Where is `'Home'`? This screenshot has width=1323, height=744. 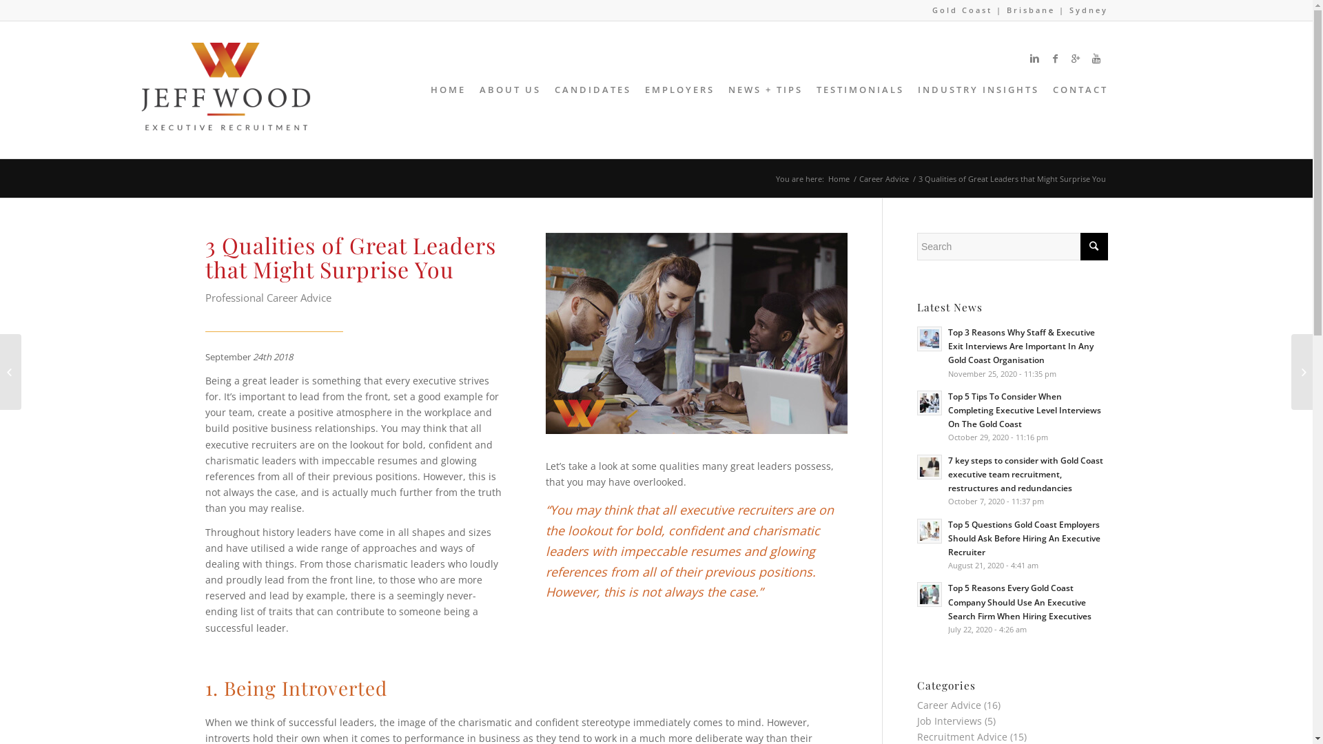
'Home' is located at coordinates (837, 178).